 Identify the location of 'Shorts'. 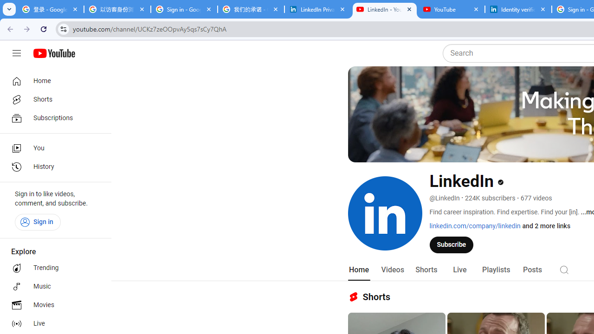
(426, 270).